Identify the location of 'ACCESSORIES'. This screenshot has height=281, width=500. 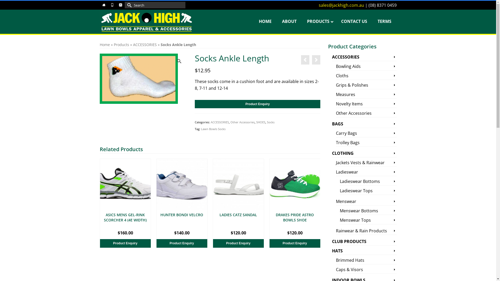
(220, 122).